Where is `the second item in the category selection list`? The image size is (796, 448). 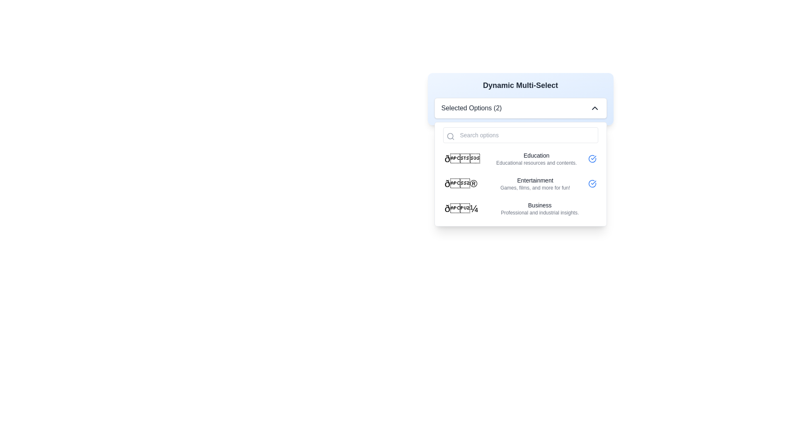
the second item in the category selection list is located at coordinates (520, 183).